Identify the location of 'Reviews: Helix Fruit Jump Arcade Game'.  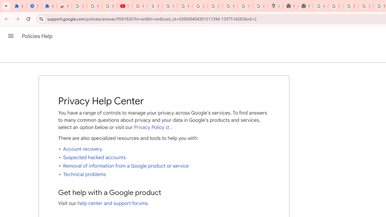
(64, 6).